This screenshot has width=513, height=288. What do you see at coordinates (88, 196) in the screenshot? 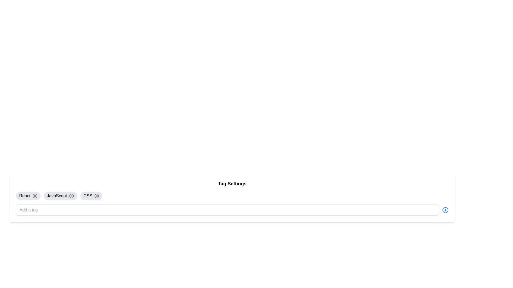
I see `and interpret the text label 'CSS' which is part of a tag management interface, located within a gray, rounded tag component` at bounding box center [88, 196].